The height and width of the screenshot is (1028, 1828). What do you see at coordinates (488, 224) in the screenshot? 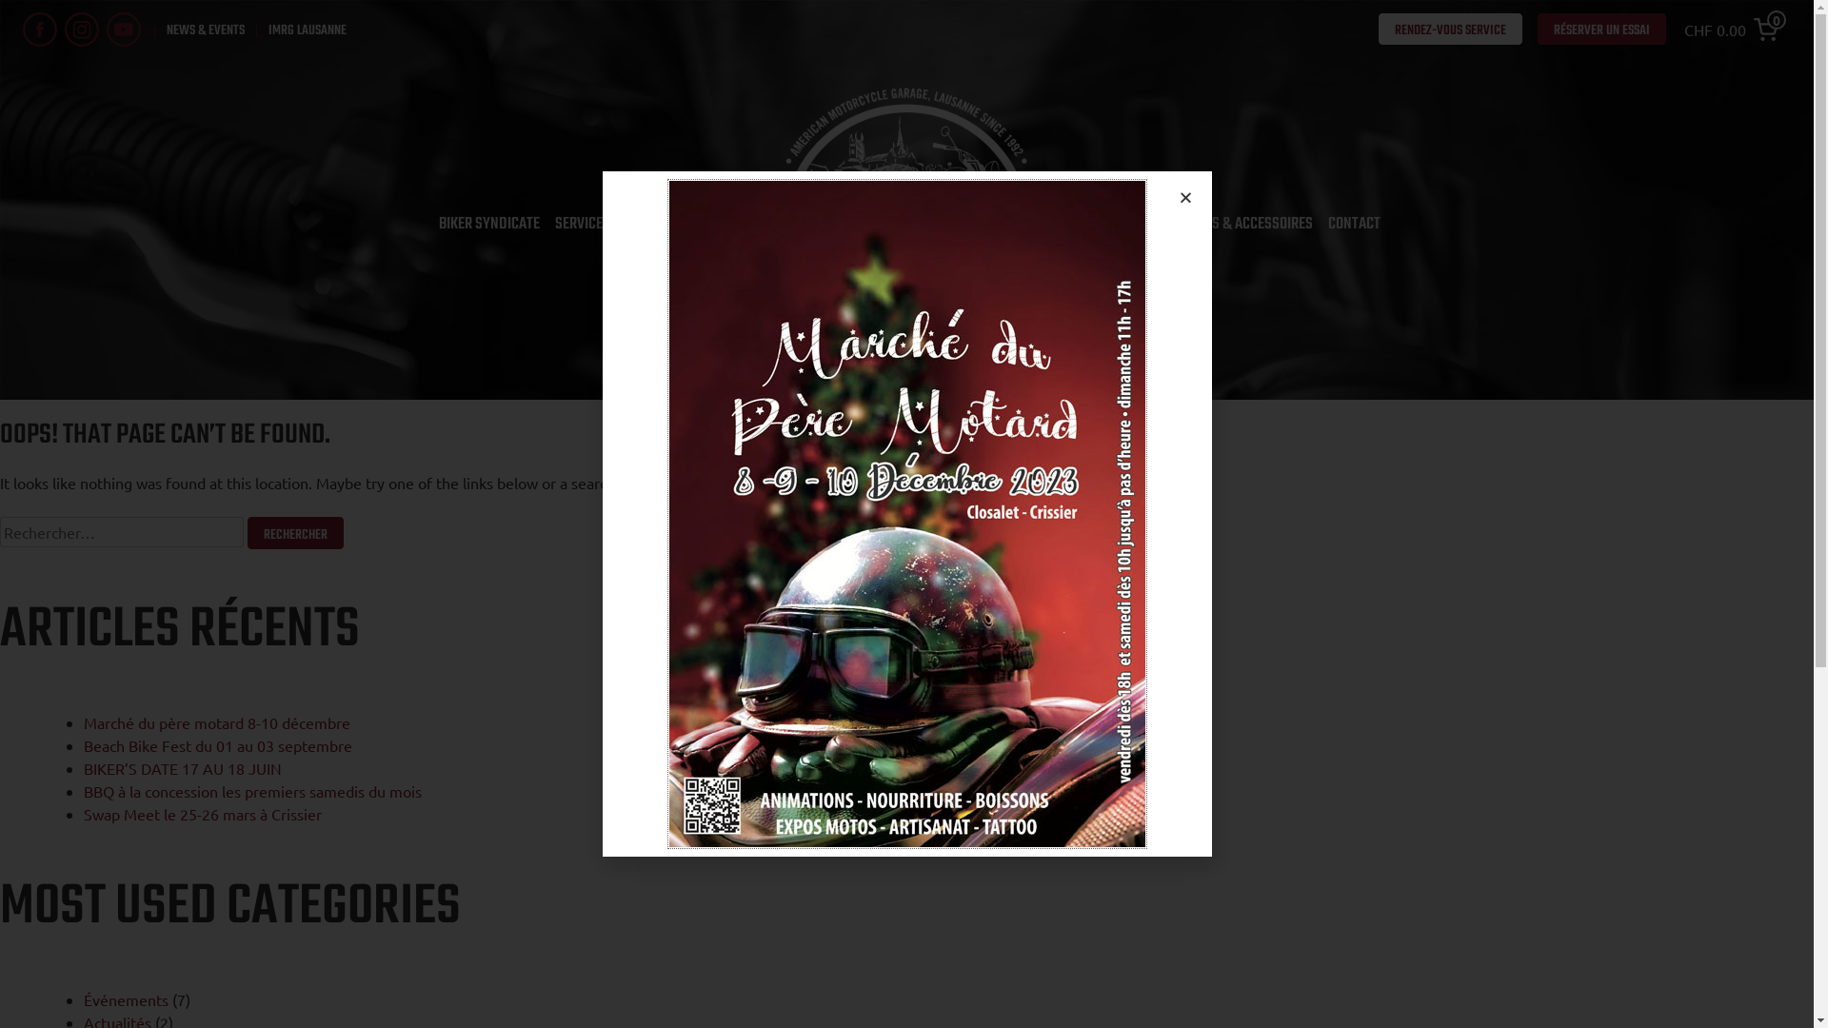
I see `'BIKER SYNDICATE'` at bounding box center [488, 224].